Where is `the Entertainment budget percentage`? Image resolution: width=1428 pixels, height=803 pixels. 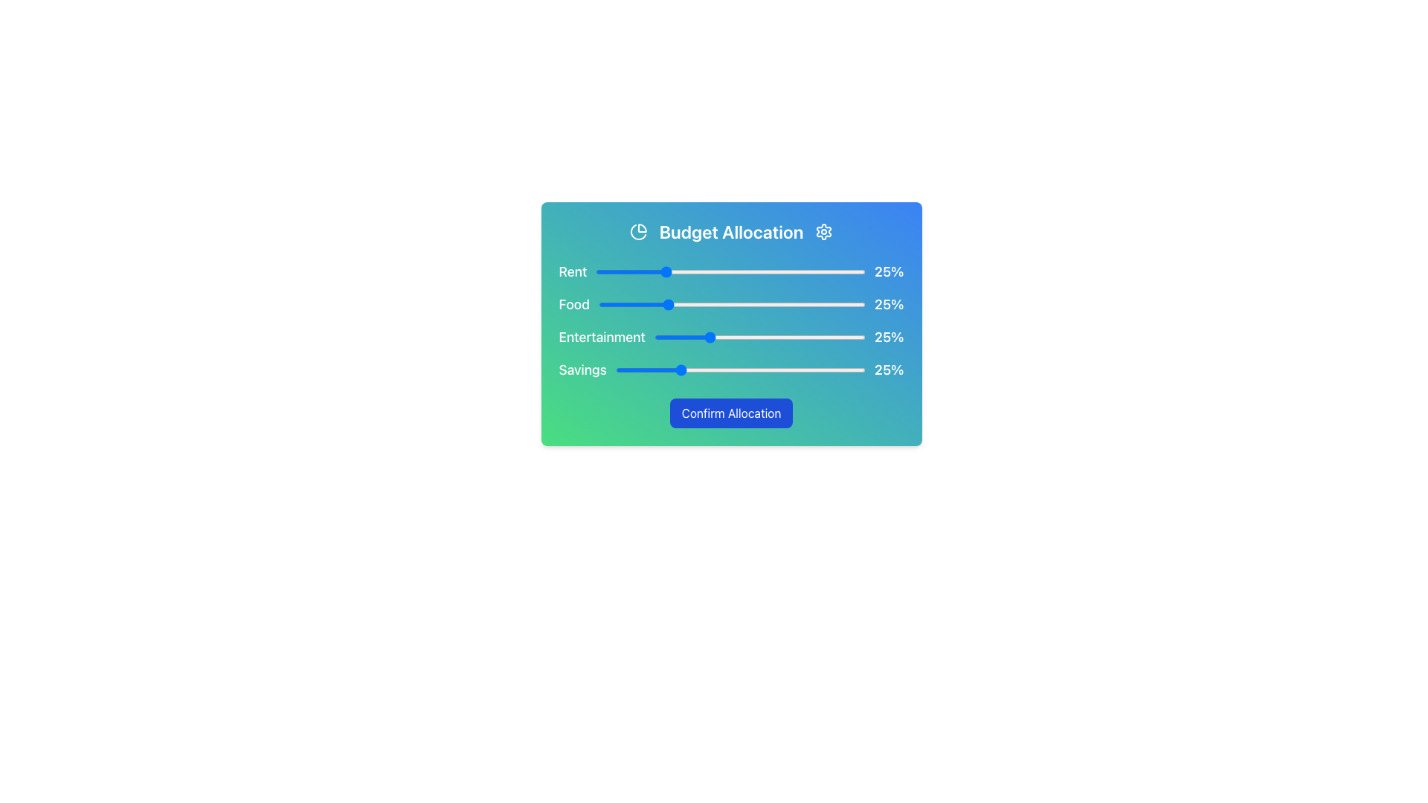
the Entertainment budget percentage is located at coordinates (785, 338).